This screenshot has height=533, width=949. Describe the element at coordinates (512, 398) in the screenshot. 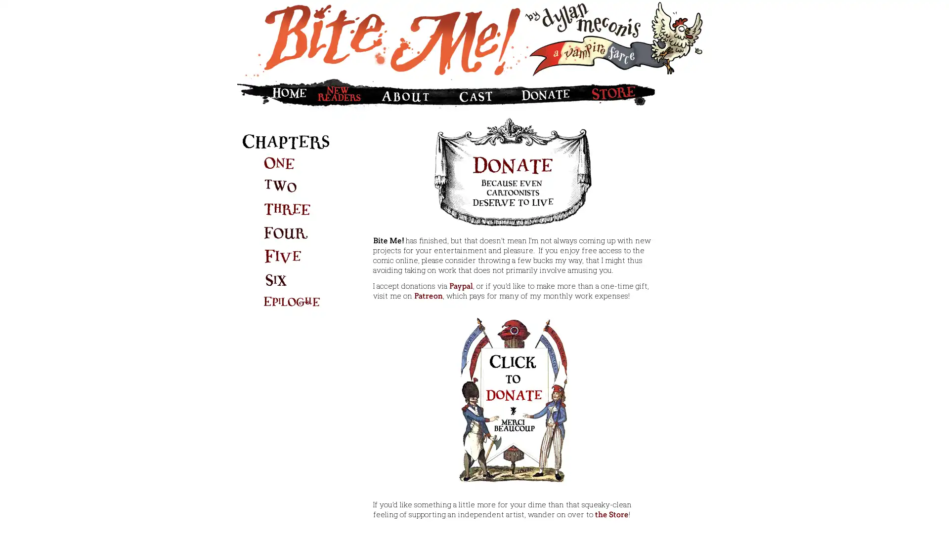

I see `Click to Donate!` at that location.